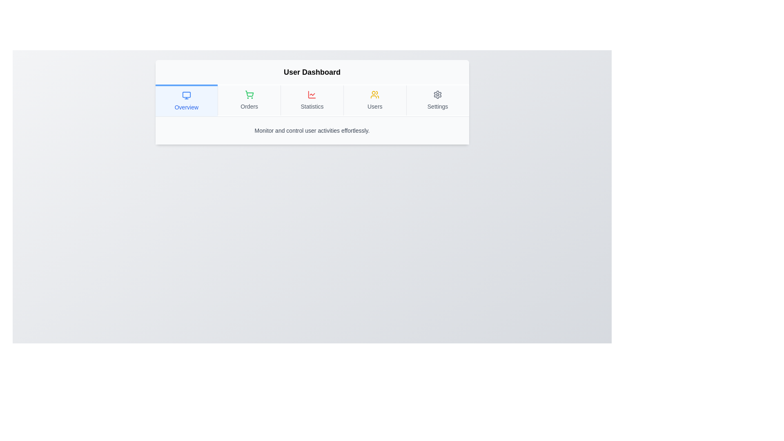  What do you see at coordinates (437, 94) in the screenshot?
I see `the settings icon located at the center of the rectangular block labeled 'Settings'` at bounding box center [437, 94].